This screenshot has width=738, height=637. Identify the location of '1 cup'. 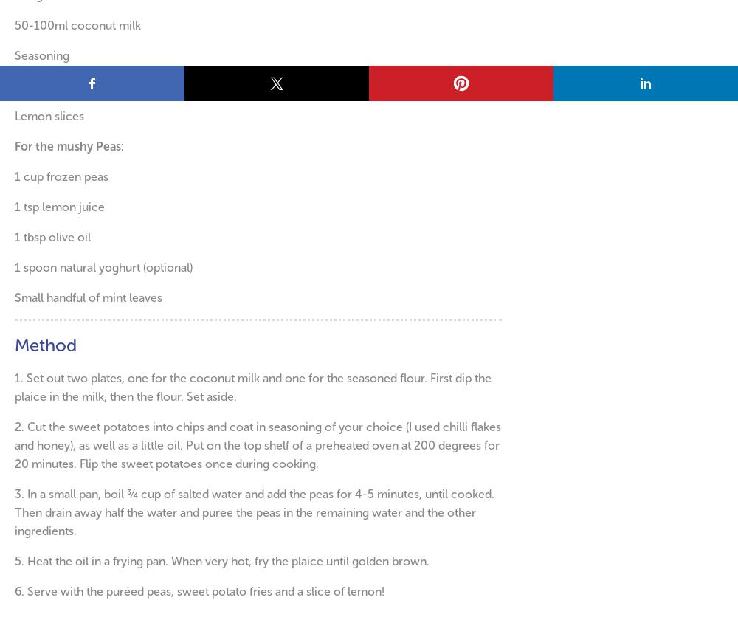
(30, 176).